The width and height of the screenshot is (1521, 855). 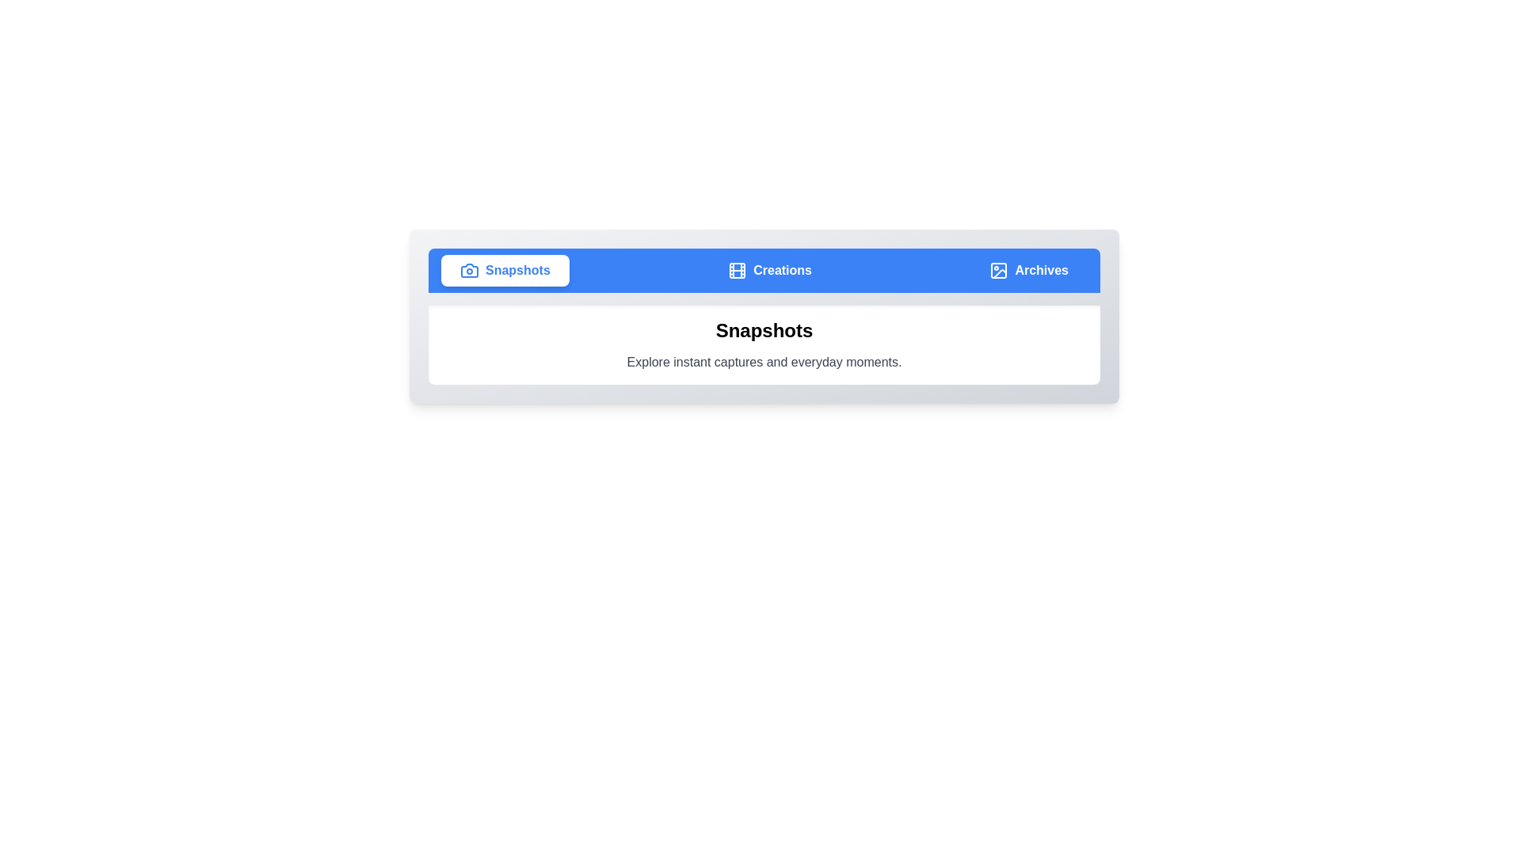 I want to click on the tab with the label Archives, so click(x=1029, y=270).